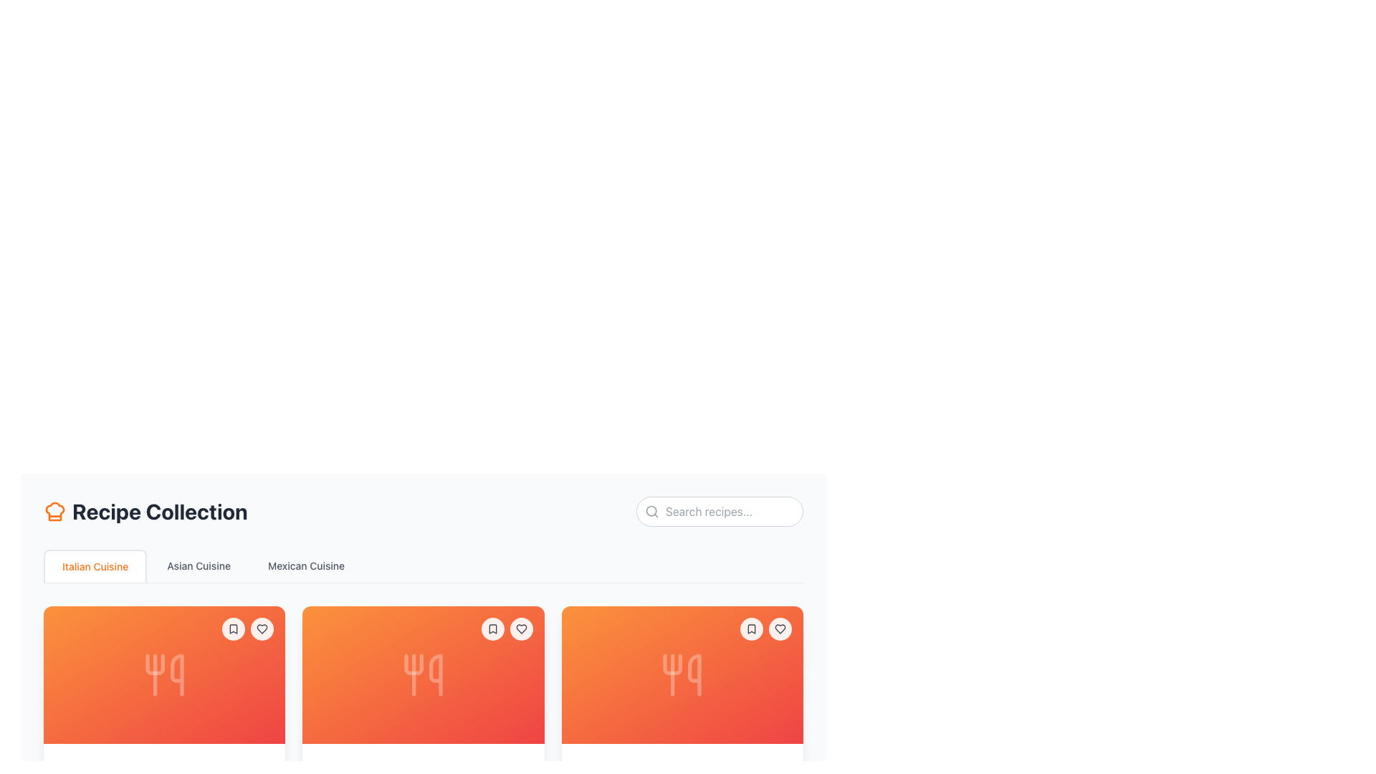 This screenshot has height=774, width=1376. What do you see at coordinates (682, 674) in the screenshot?
I see `the SVG icon resembling utensils (fork and spoon) with rounded edges and slight transparency located at the center of the rightmost card under the 'Recipe Collection' section` at bounding box center [682, 674].